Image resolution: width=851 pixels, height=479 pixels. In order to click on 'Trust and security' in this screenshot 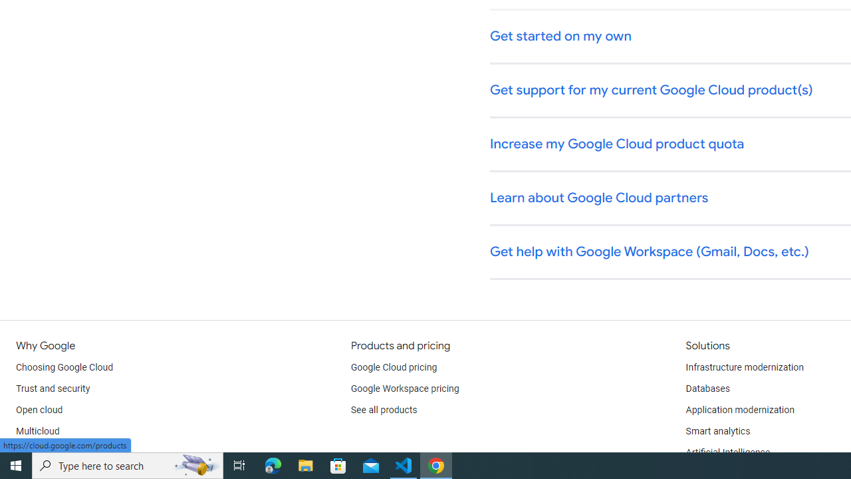, I will do `click(53, 389)`.